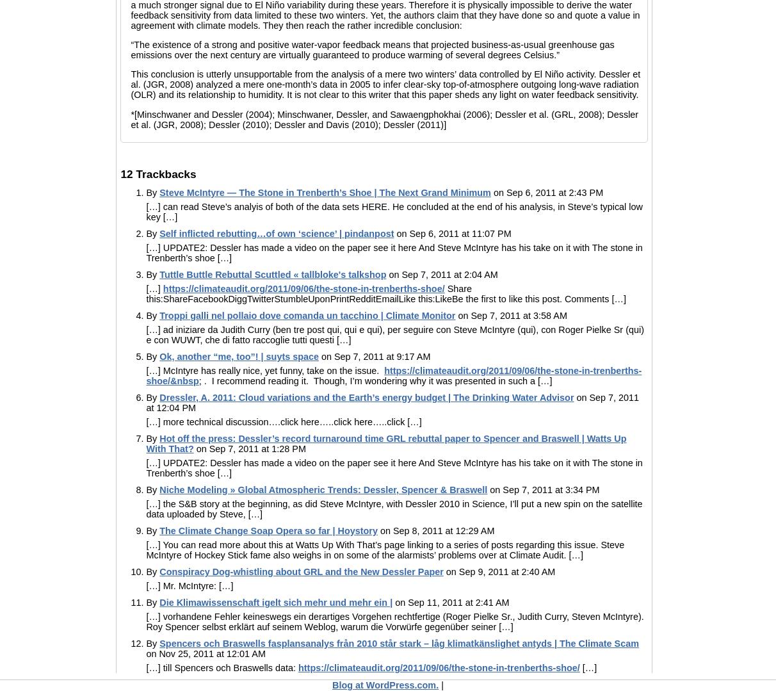  Describe the element at coordinates (372, 49) in the screenshot. I see `'“The existence of a strong and positive water-vapor feedback means that projected business-as-usual greenhouse gas emissions over the next century are virtually guaranteed to produce warming of several degrees Celsius.”'` at that location.